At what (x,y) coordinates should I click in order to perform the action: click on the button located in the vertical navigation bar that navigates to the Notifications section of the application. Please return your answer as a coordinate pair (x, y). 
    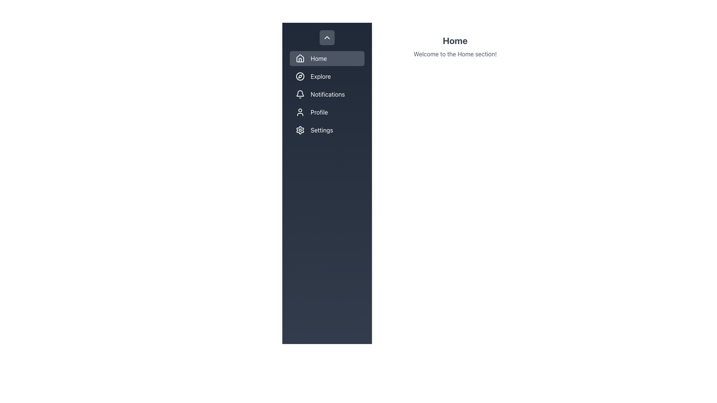
    Looking at the image, I should click on (327, 94).